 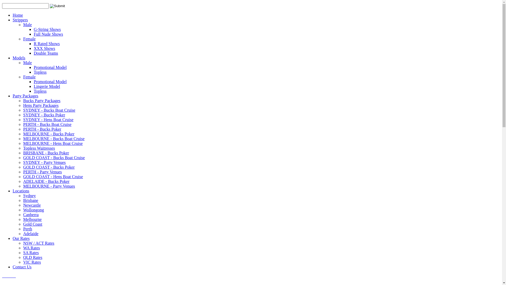 I want to click on 'Double Teams', so click(x=33, y=53).